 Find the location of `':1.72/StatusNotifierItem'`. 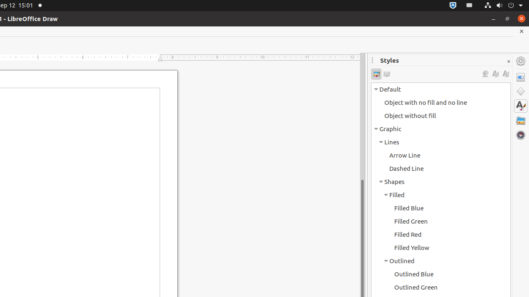

':1.72/StatusNotifierItem' is located at coordinates (452, 5).